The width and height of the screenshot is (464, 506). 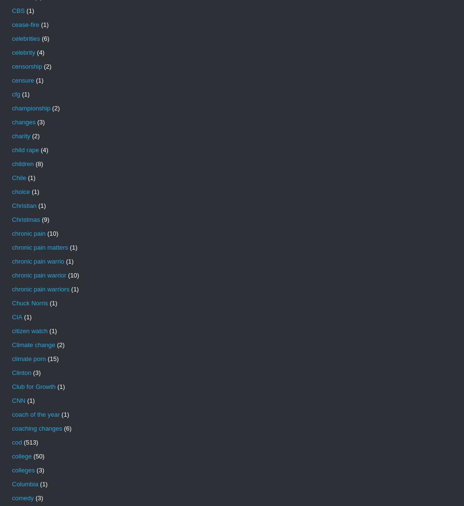 I want to click on 'college', so click(x=12, y=456).